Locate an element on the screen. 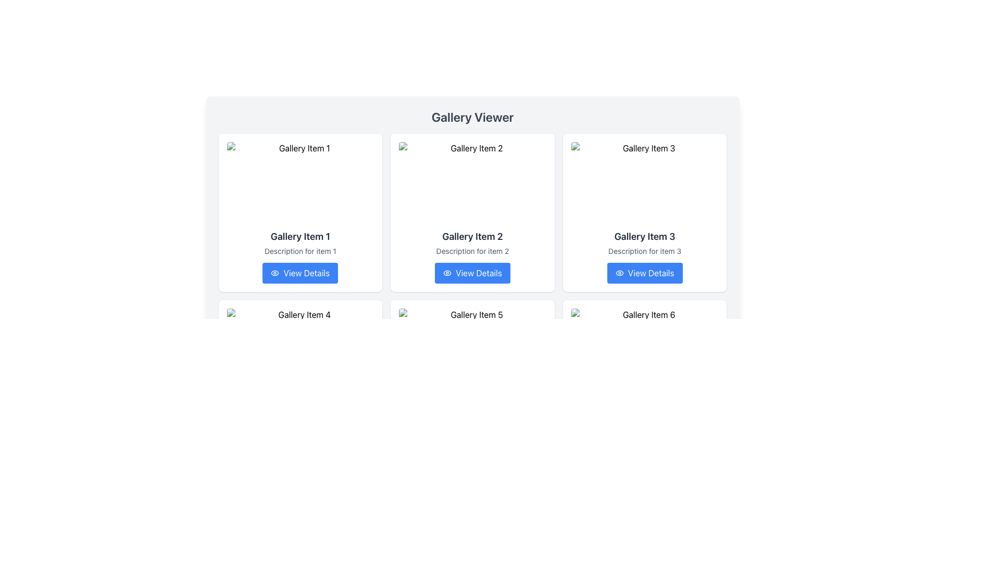  the image representing gallery item 3, located at the top of the 'Gallery Item 3' card is located at coordinates (644, 183).